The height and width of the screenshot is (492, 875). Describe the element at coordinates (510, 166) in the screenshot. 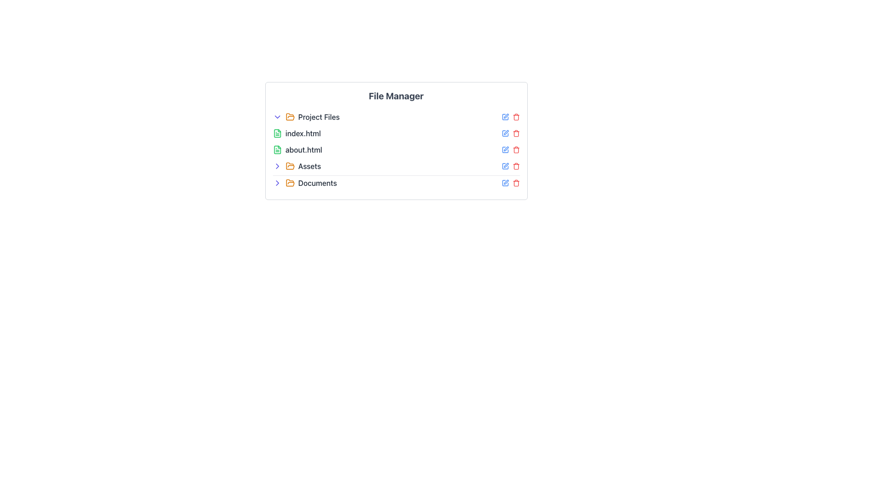

I see `the red trash icon within the 'Assets' row in the 'File Manager' section` at that location.